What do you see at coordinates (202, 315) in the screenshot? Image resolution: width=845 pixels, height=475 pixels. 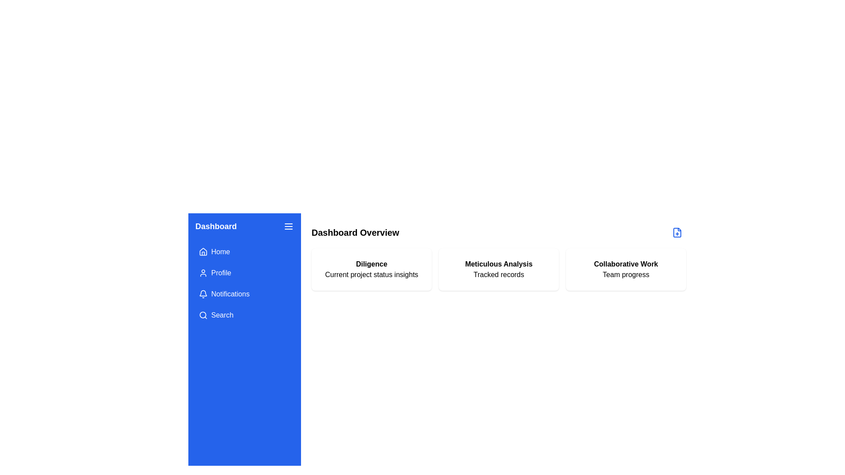 I see `the search icon located to the left of the 'Search' text label in the sidebar menu` at bounding box center [202, 315].